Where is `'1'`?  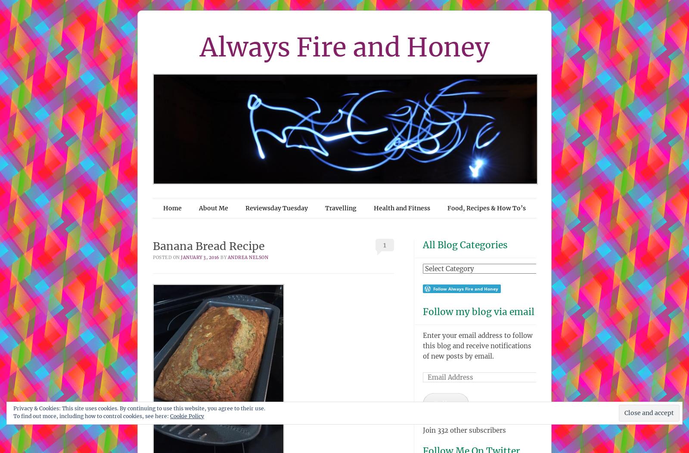
'1' is located at coordinates (384, 244).